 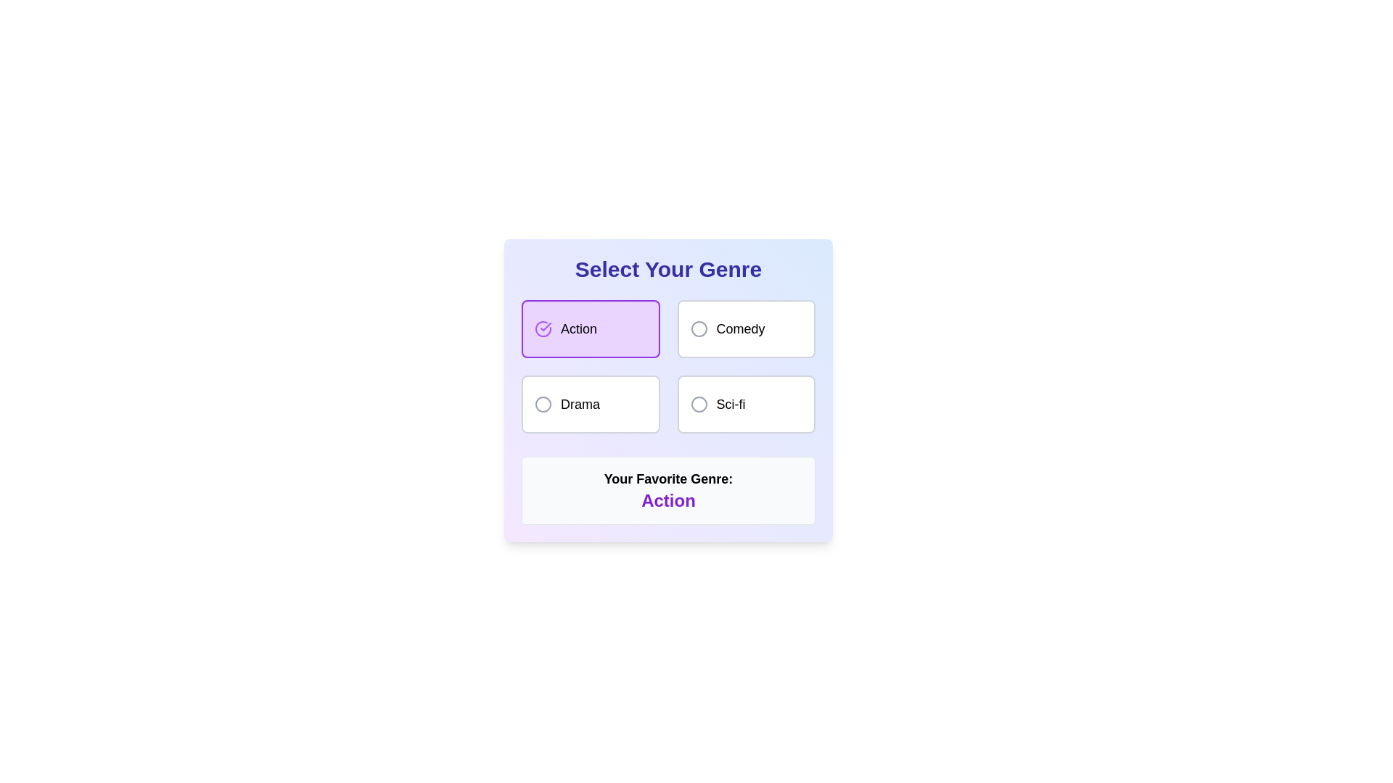 What do you see at coordinates (545, 327) in the screenshot?
I see `the checkmark SVG graphic icon indicating the selection of the 'Action' genre` at bounding box center [545, 327].